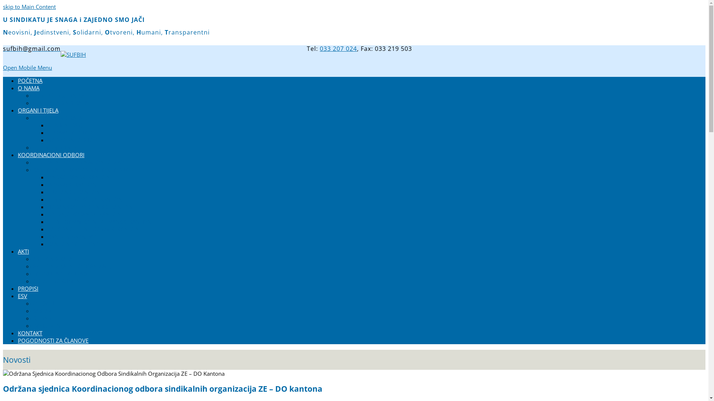 This screenshot has height=401, width=714. What do you see at coordinates (29, 7) in the screenshot?
I see `'skip to Main Content'` at bounding box center [29, 7].